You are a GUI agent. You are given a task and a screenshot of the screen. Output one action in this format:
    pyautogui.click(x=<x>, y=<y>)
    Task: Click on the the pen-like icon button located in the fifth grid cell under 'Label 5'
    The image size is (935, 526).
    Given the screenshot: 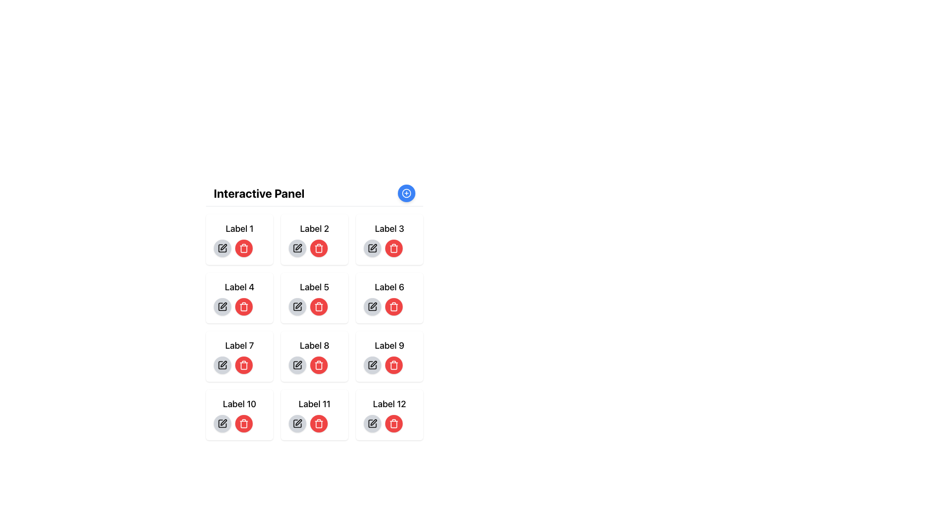 What is the action you would take?
    pyautogui.click(x=298, y=305)
    